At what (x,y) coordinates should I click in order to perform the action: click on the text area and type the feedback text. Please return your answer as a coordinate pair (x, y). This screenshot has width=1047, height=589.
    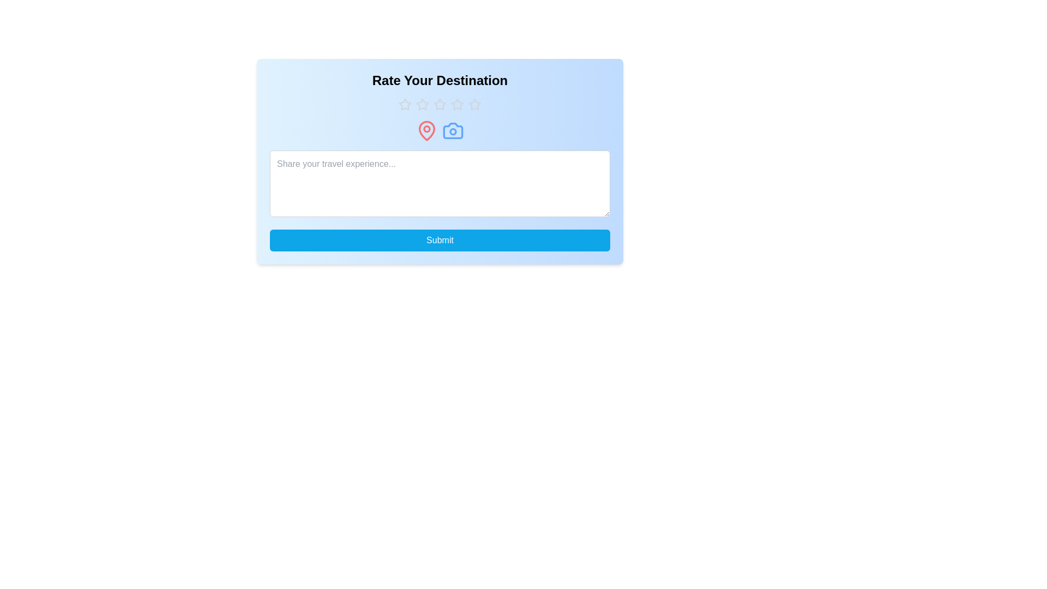
    Looking at the image, I should click on (440, 183).